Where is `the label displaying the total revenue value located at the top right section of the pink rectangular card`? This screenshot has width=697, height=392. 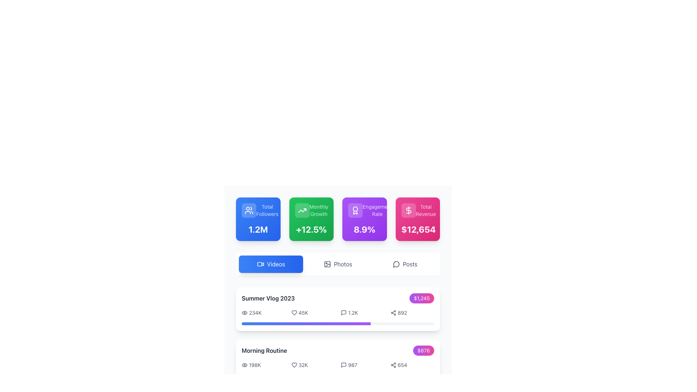 the label displaying the total revenue value located at the top right section of the pink rectangular card is located at coordinates (417, 210).